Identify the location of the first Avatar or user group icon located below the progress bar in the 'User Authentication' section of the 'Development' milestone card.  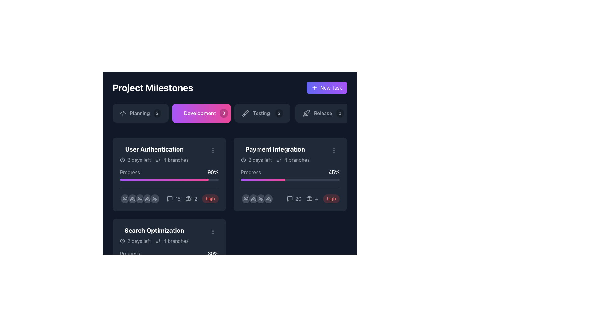
(125, 199).